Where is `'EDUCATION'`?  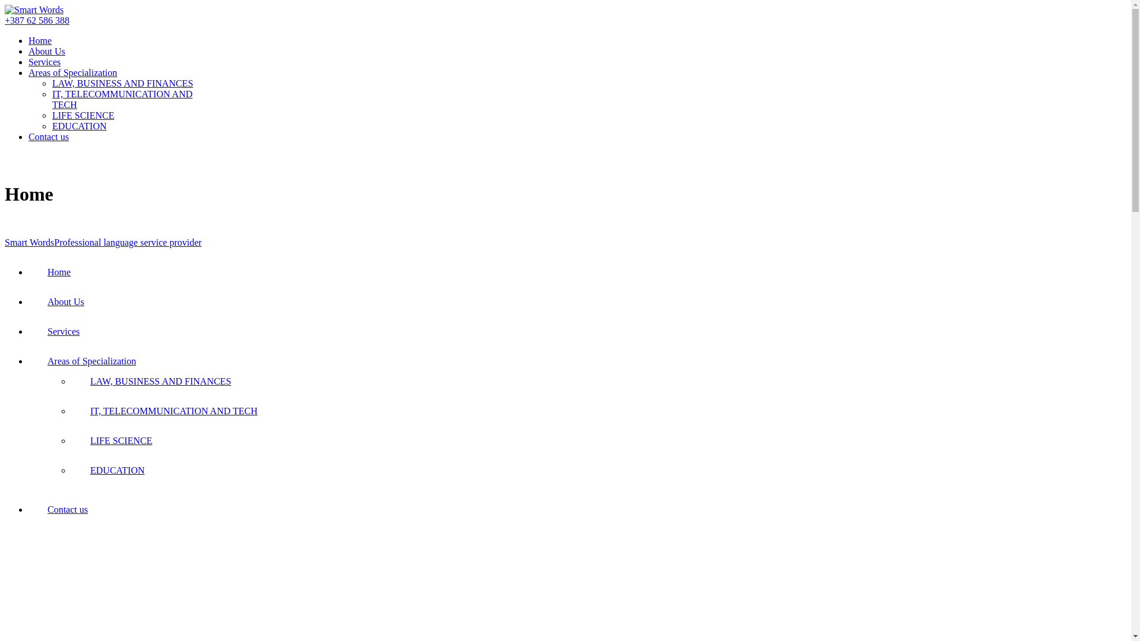
'EDUCATION' is located at coordinates (79, 126).